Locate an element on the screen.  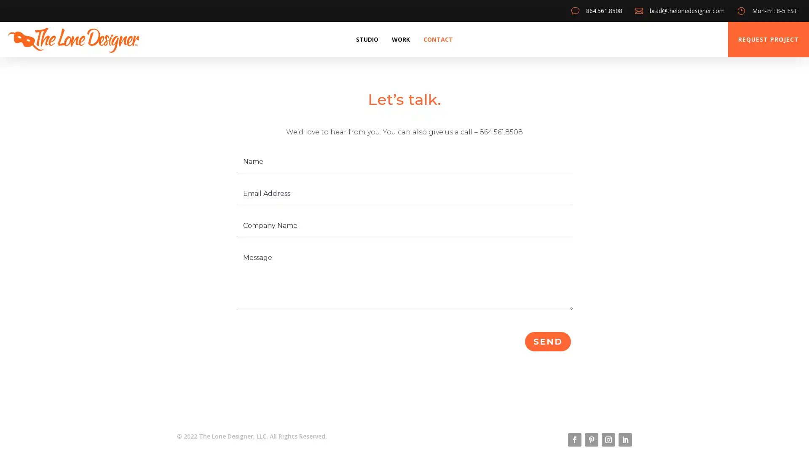
SEND E is located at coordinates (548, 341).